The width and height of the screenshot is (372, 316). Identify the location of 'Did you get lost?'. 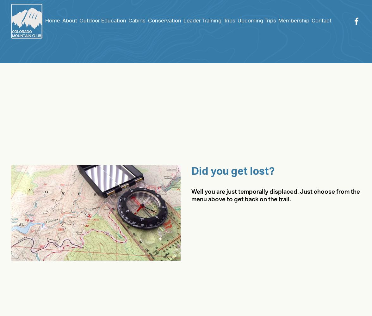
(234, 171).